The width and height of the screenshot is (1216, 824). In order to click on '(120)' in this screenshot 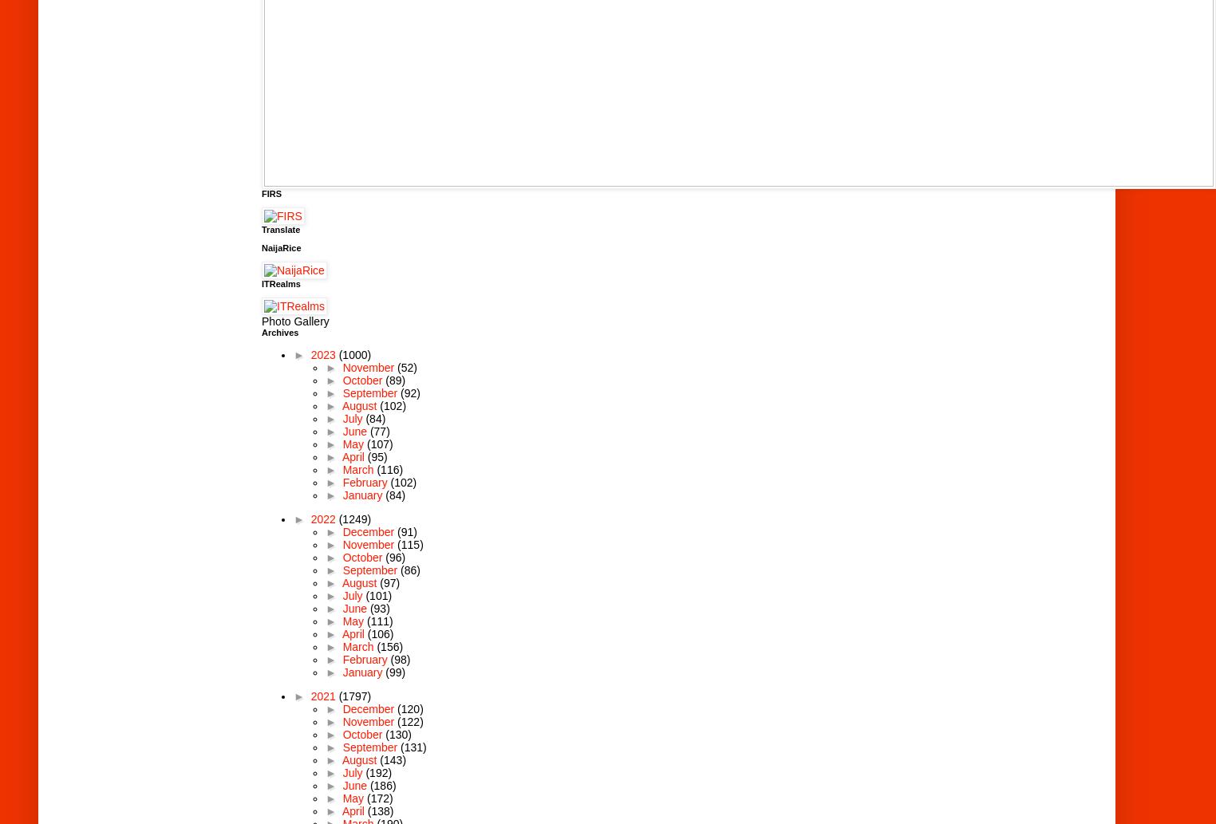, I will do `click(409, 707)`.